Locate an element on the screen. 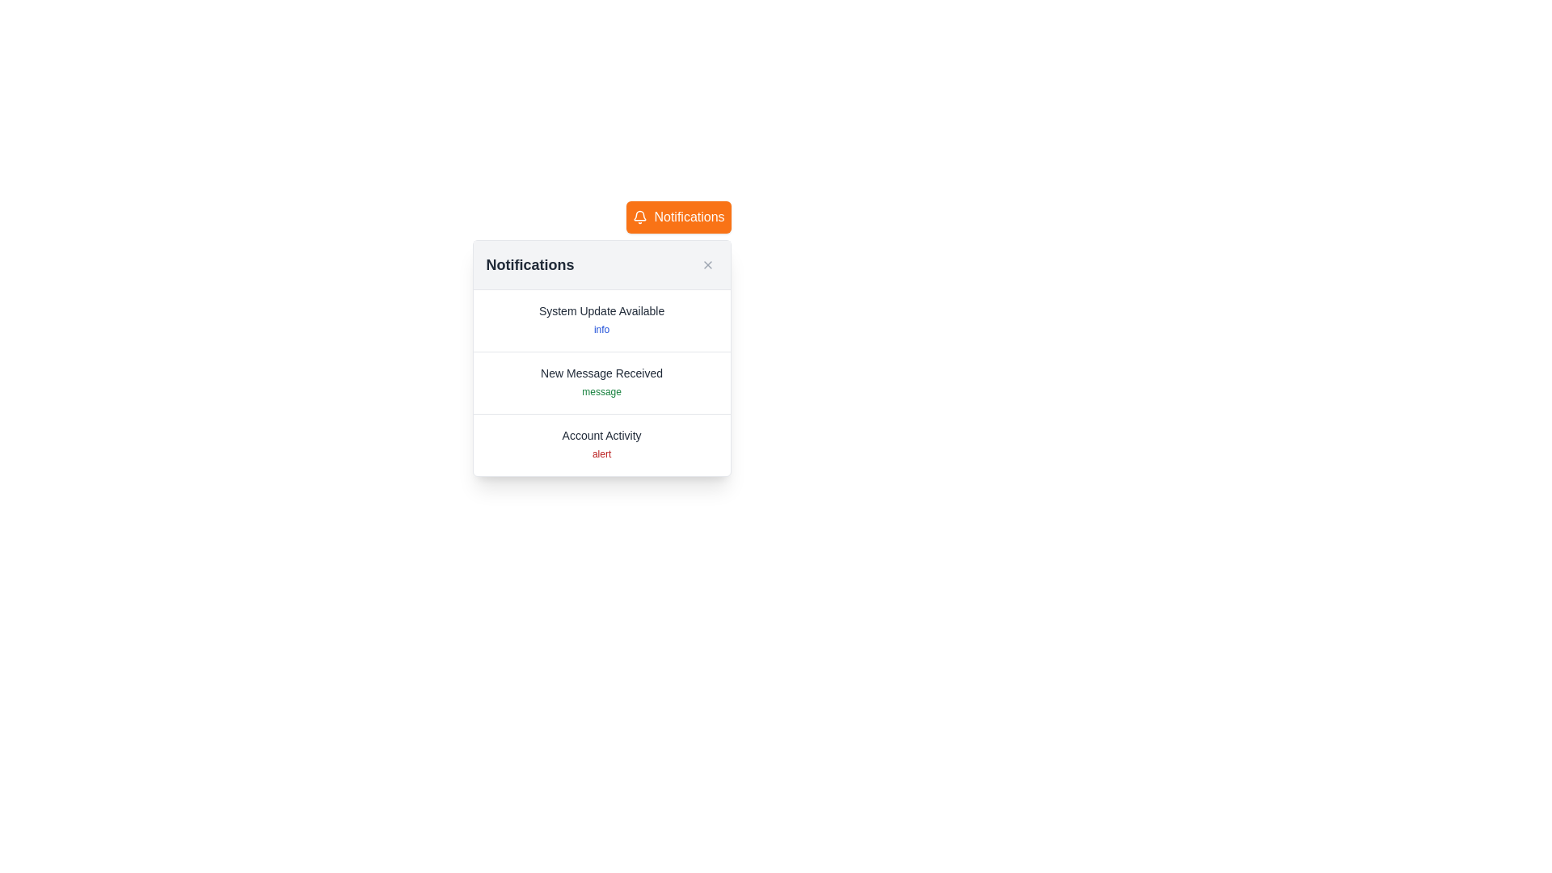 This screenshot has width=1552, height=873. the second item in the Dropdown Menu Content located below the orange 'Notifications' button is located at coordinates (601, 357).